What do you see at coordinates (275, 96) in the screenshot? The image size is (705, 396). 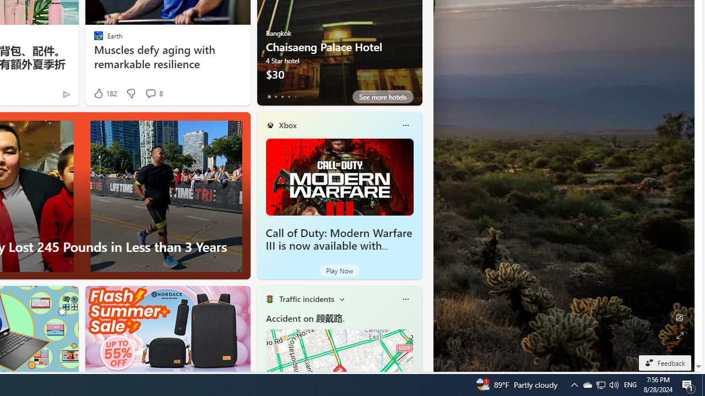 I see `'tab-1'` at bounding box center [275, 96].